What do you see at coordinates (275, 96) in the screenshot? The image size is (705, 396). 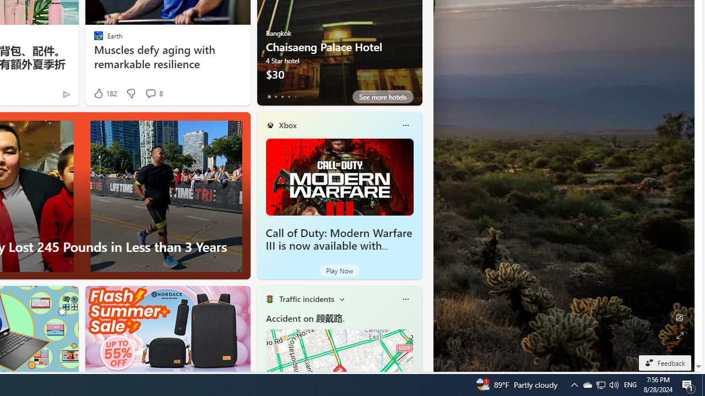 I see `'tab-1'` at bounding box center [275, 96].